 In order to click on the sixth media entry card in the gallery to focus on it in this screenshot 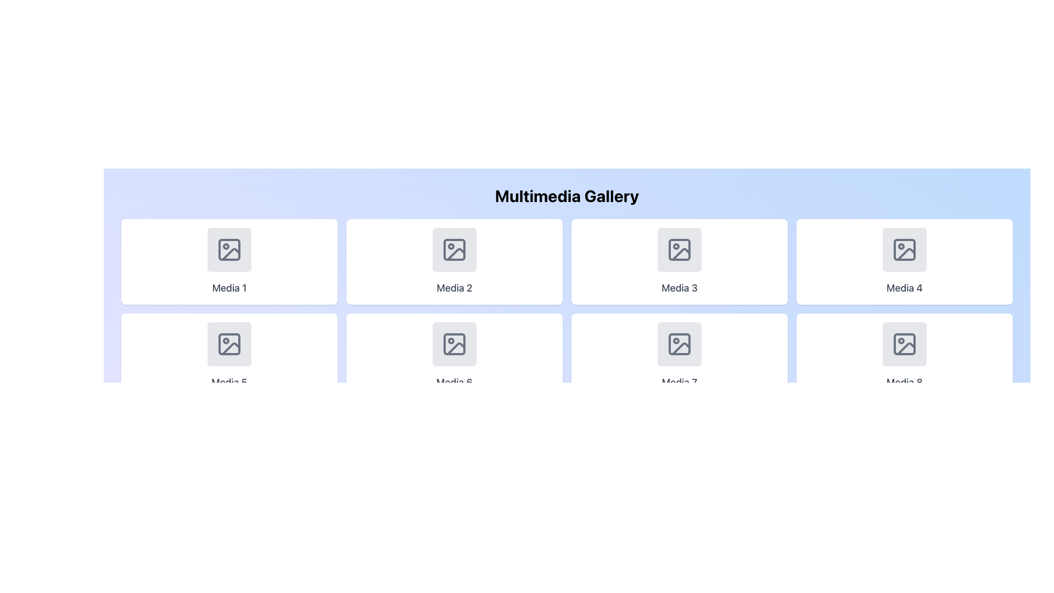, I will do `click(455, 356)`.